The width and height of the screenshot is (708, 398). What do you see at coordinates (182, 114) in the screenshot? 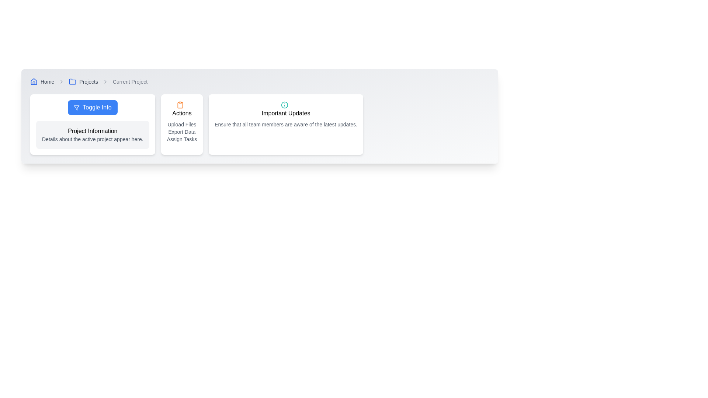
I see `the Text label that serves as a heading for the options 'Upload Files', 'Export Data', and 'Assign Tasks', located centrally within the second card of a three-card layout` at bounding box center [182, 114].